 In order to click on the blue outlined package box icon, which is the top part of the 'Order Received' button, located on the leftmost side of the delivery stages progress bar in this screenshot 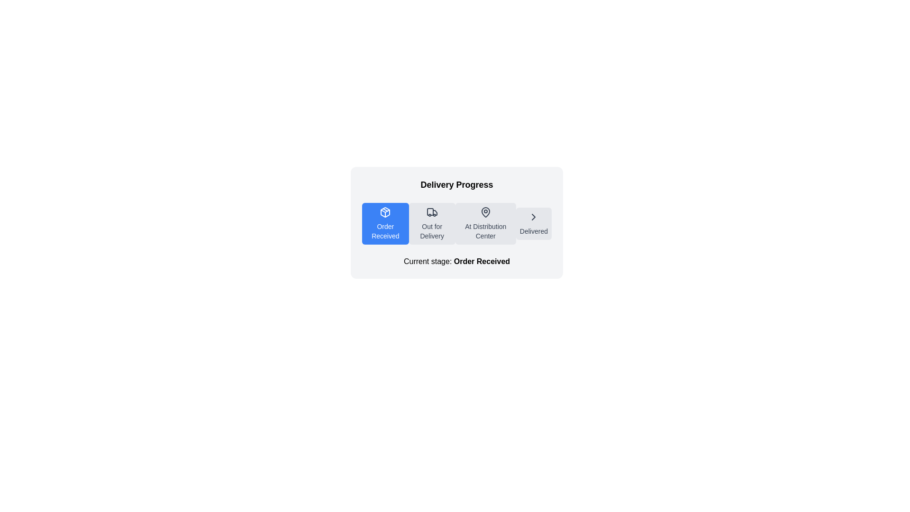, I will do `click(385, 211)`.